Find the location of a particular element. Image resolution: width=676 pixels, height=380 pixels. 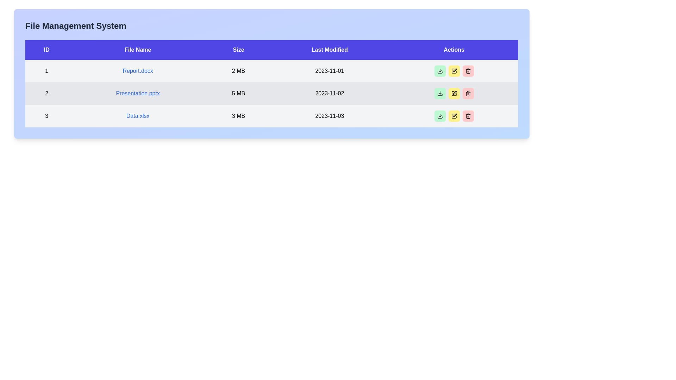

the yellow edit button with a pencil icon located in the 'Actions' column of the second row in the table to trigger its hover effects is located at coordinates (454, 93).